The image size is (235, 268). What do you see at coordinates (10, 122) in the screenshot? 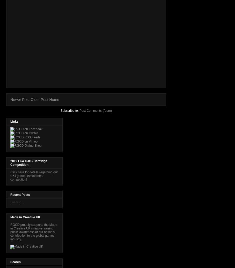
I see `'Links'` at bounding box center [10, 122].